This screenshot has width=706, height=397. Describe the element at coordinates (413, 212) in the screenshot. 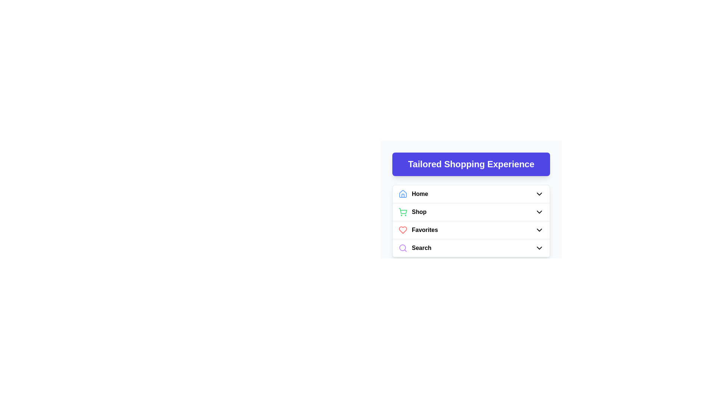

I see `the Navigation link located second from the top in the vertical menu group below the header 'Tailored Shopping Experience'` at that location.